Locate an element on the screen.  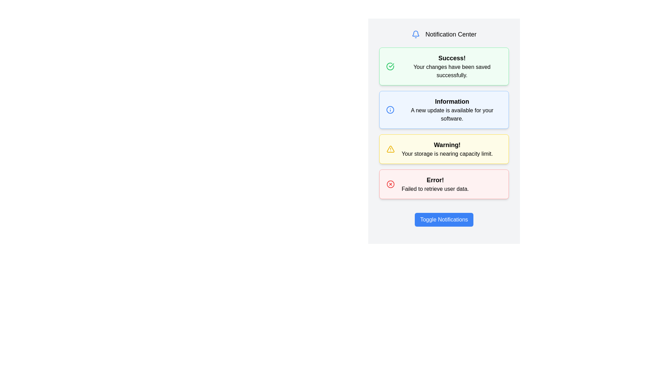
the checkmark icon located at the top-left within the green notification card labeled 'Success!', indicating successful completion of an action is located at coordinates (390, 66).